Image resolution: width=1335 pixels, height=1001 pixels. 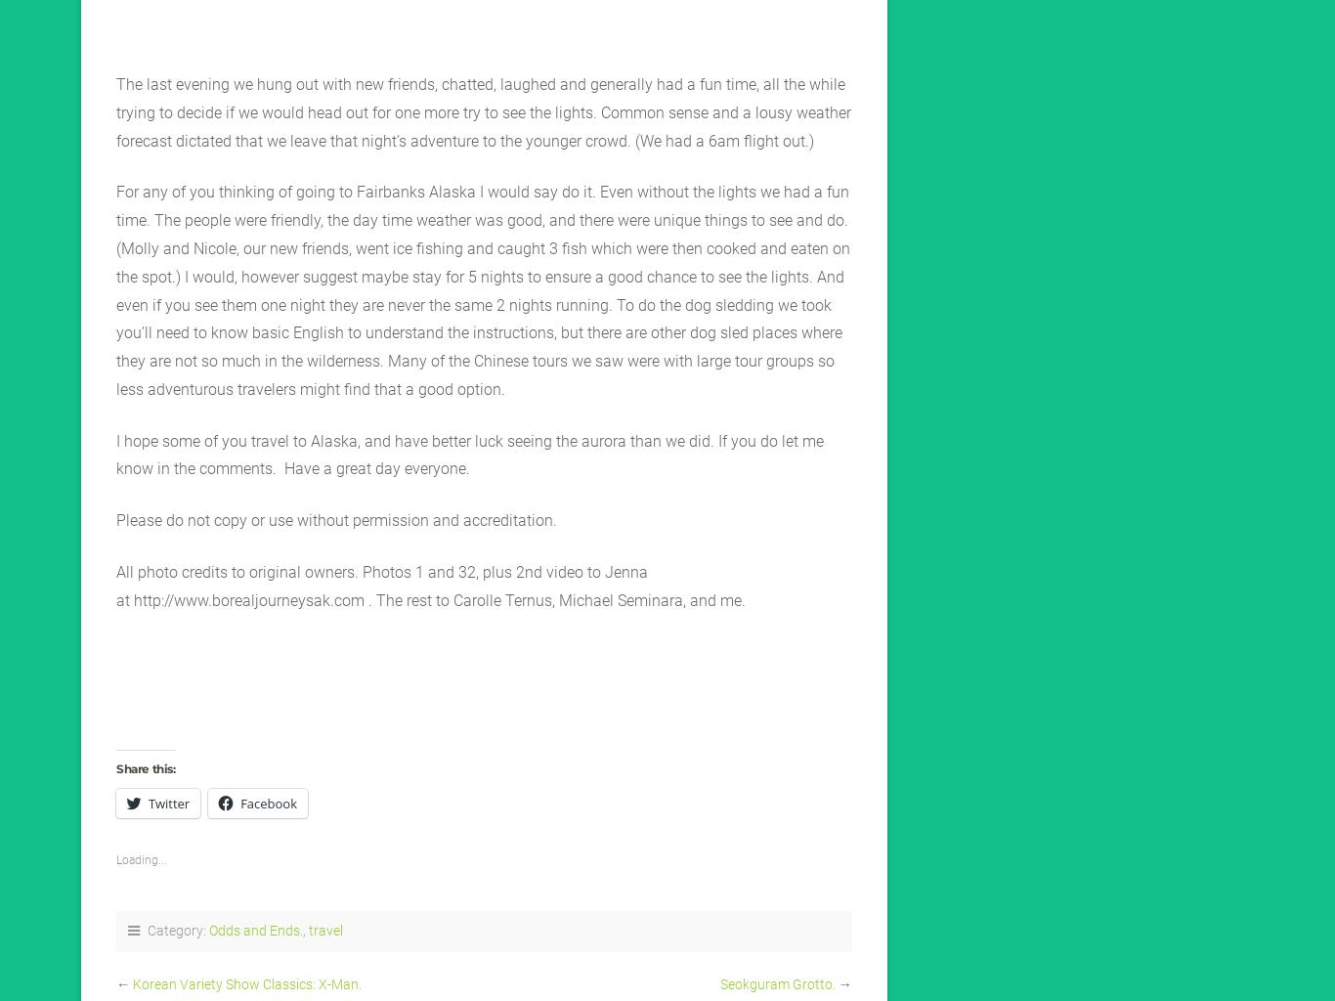 I want to click on 'All photo credits to original owners. Photos 1 and 32, plus 2nd video to Jenna at http://www.borealjourneysak.com . The rest to Carolle Ternus, Michael Seminara, and me.', so click(x=114, y=585).